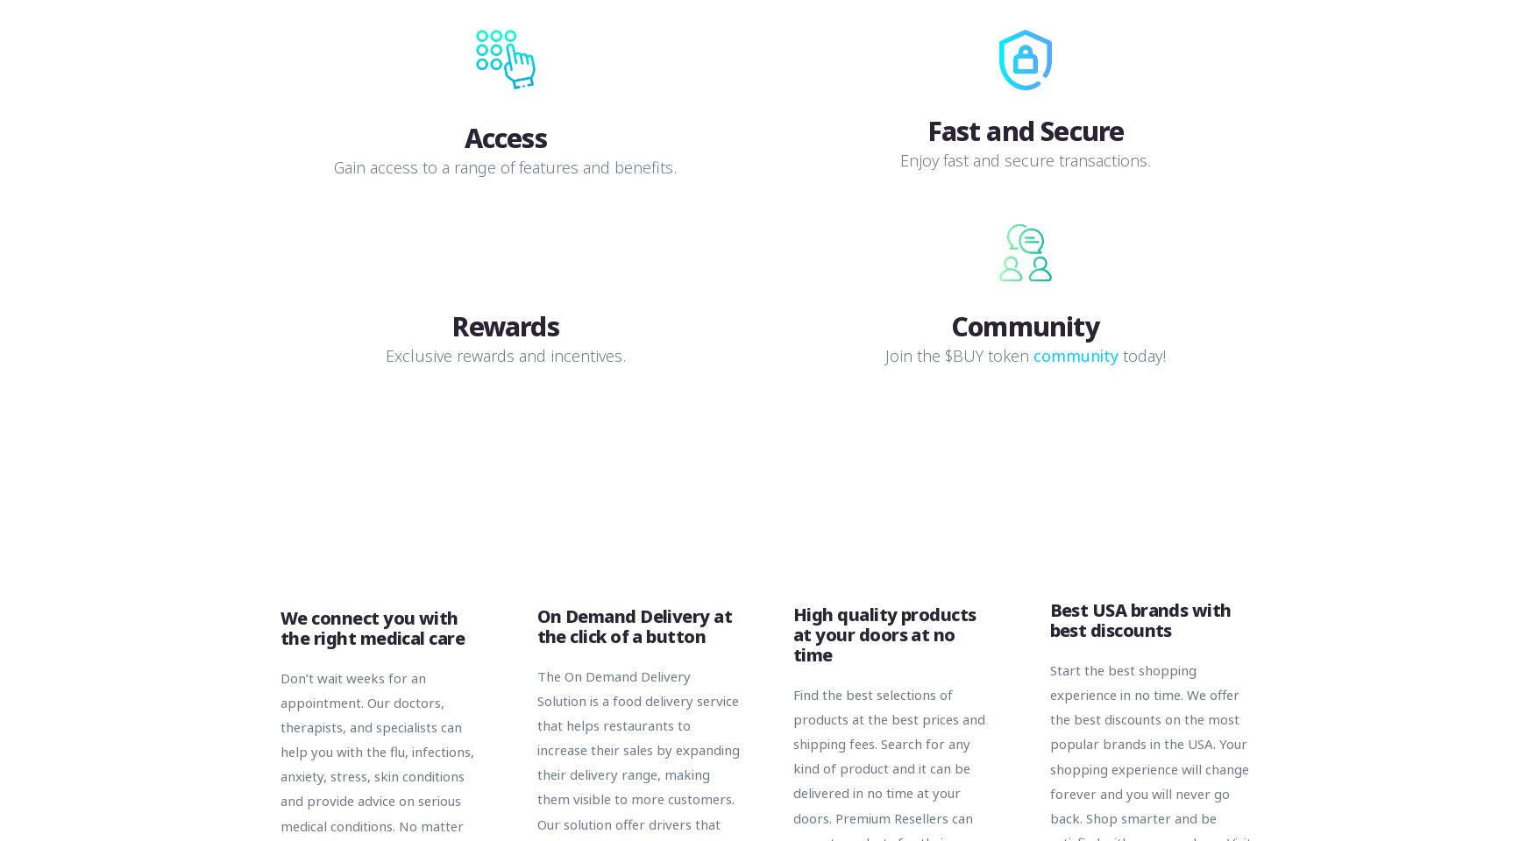 The image size is (1534, 841). What do you see at coordinates (1024, 129) in the screenshot?
I see `'Fast and Secure'` at bounding box center [1024, 129].